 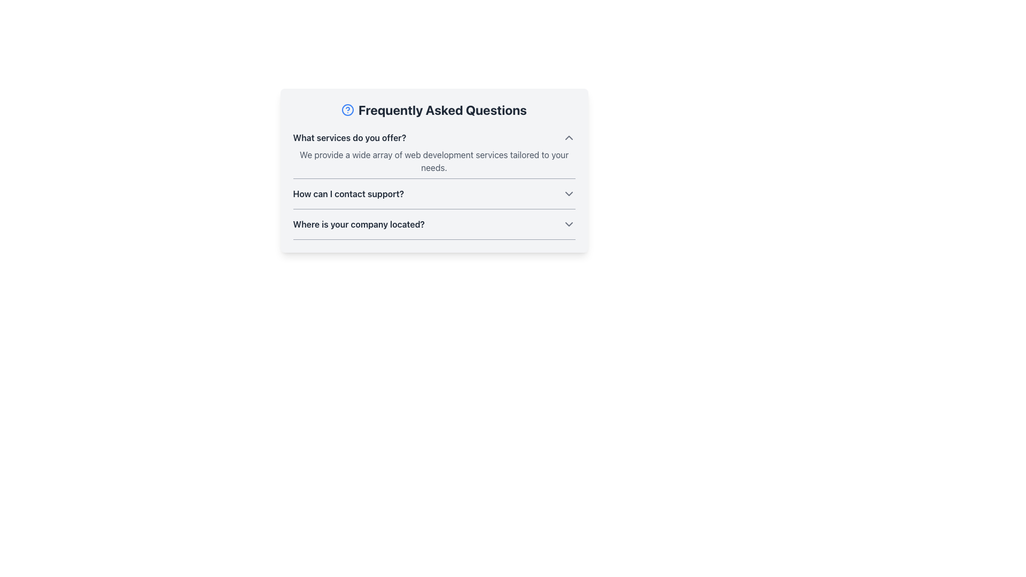 I want to click on the circular icon with a blue outline that contains a stylized question mark design, located to the left of the 'Frequently Asked Questions' title, so click(x=348, y=110).